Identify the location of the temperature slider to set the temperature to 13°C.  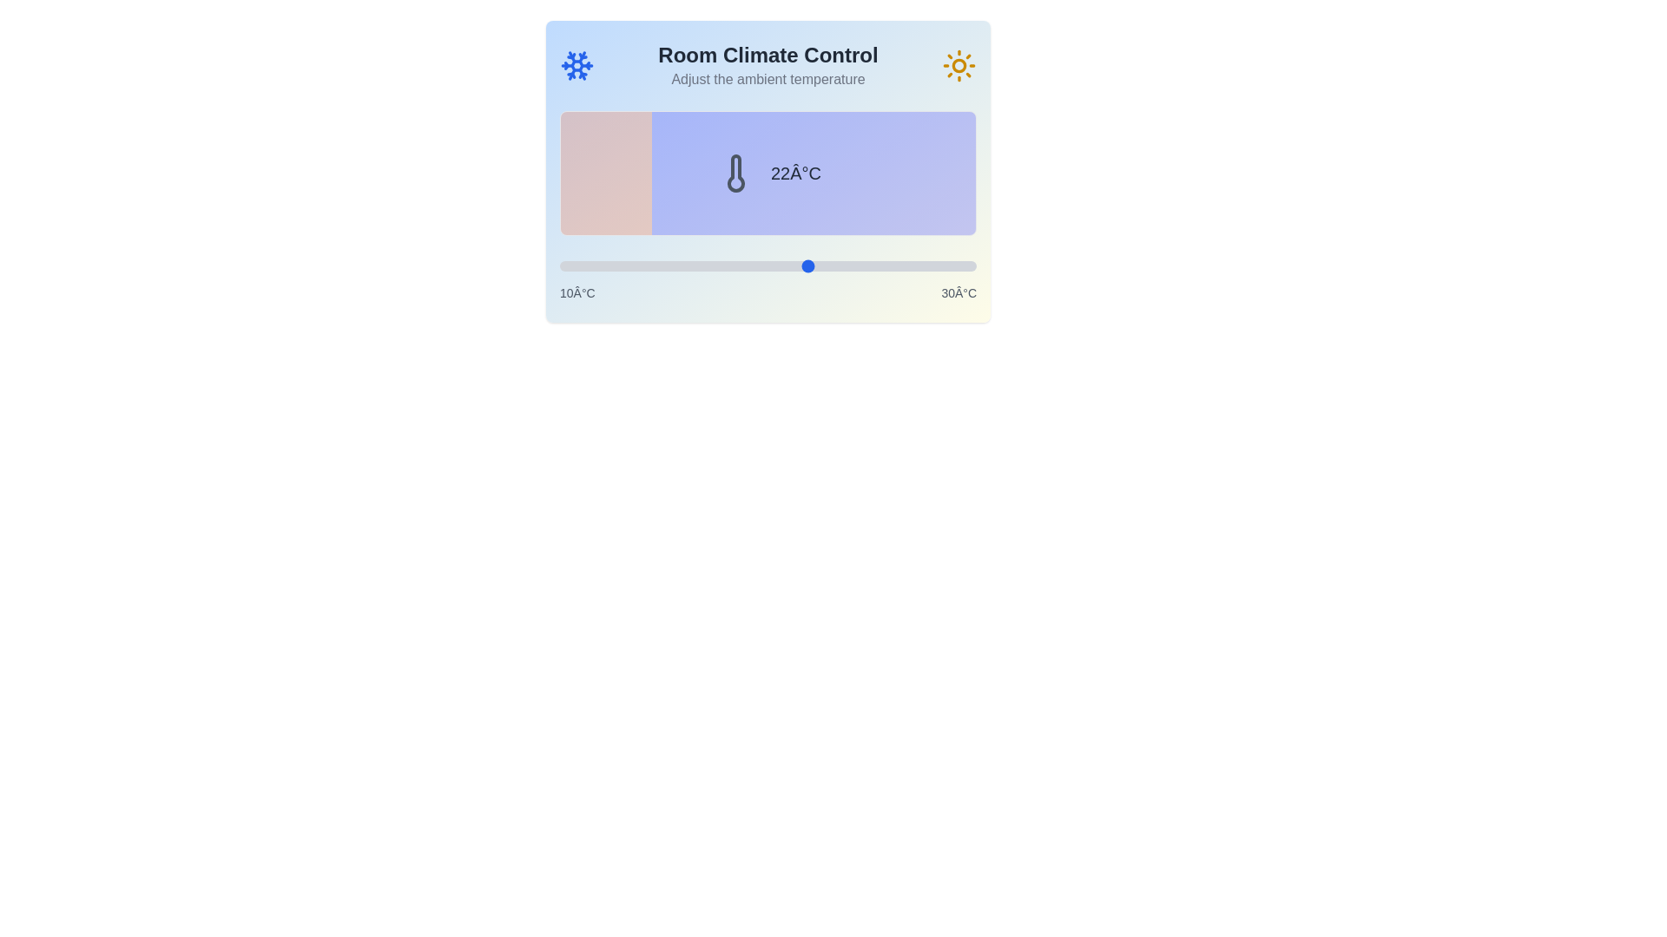
(622, 266).